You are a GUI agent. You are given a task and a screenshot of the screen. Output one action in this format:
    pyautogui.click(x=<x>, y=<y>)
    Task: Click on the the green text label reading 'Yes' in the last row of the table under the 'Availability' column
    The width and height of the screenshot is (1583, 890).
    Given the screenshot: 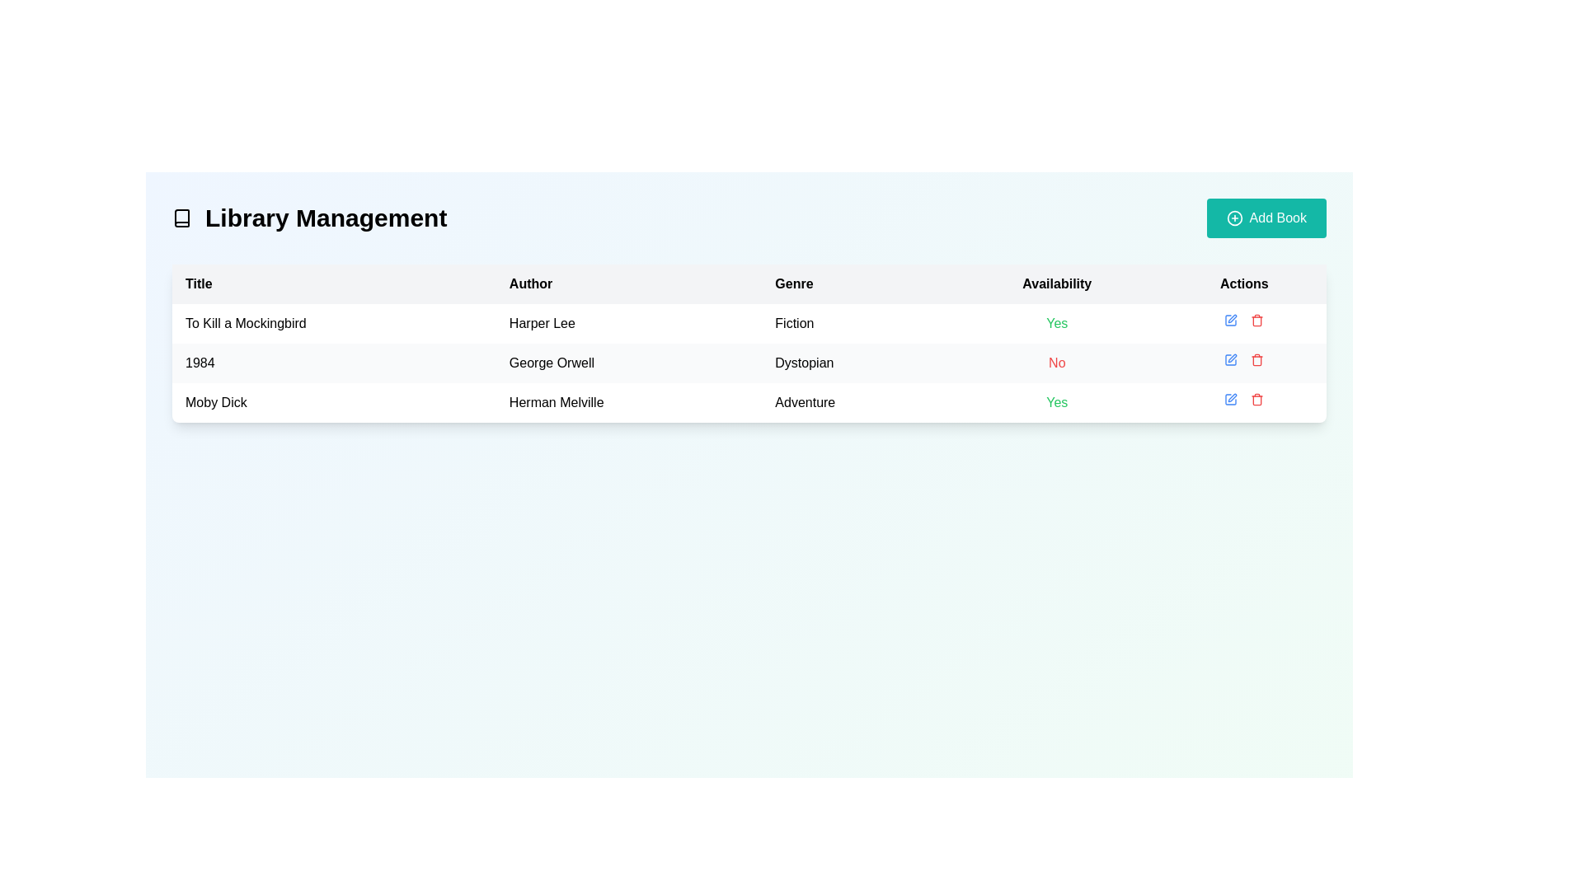 What is the action you would take?
    pyautogui.click(x=1057, y=323)
    